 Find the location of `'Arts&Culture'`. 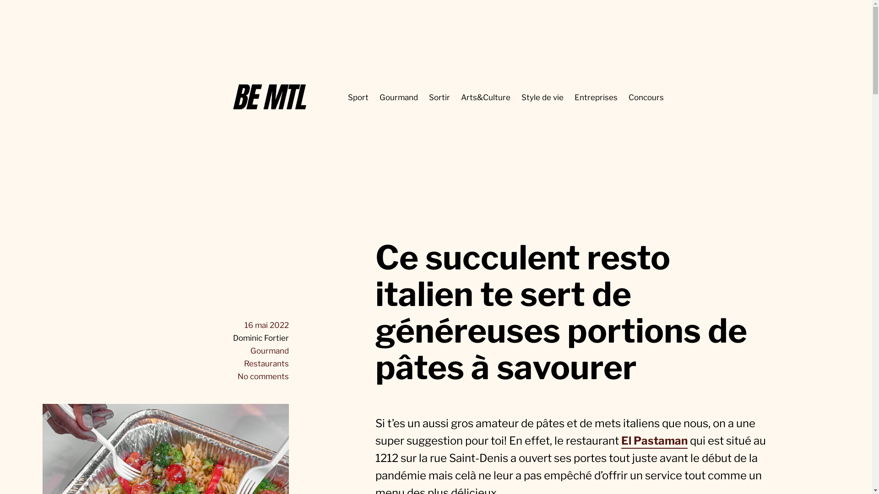

'Arts&Culture' is located at coordinates (485, 97).